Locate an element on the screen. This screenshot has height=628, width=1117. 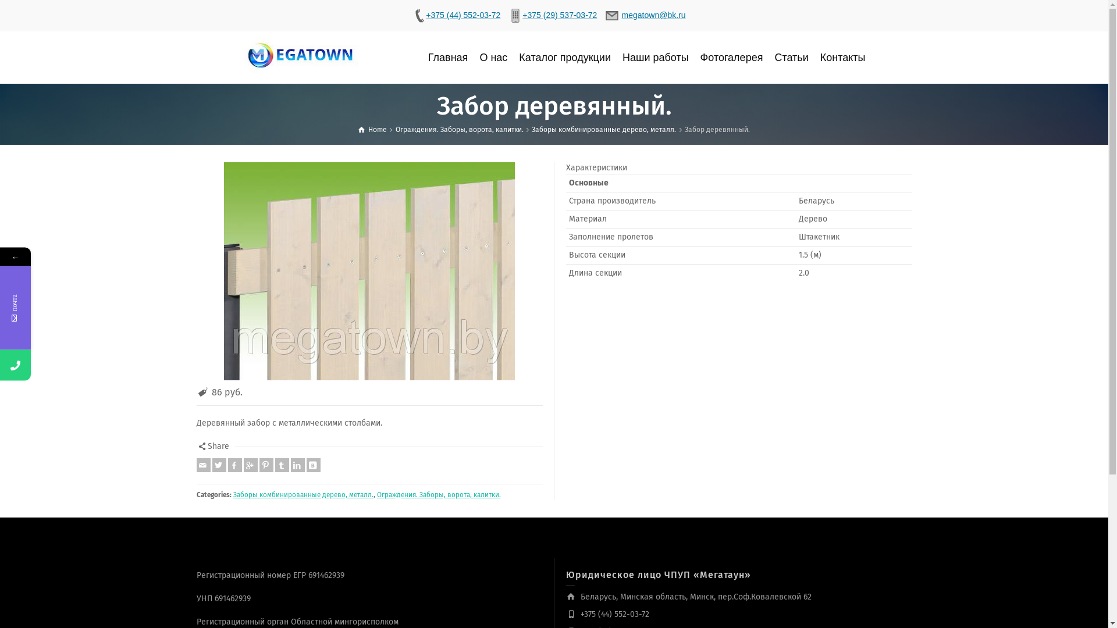
'Linkedin' is located at coordinates (298, 464).